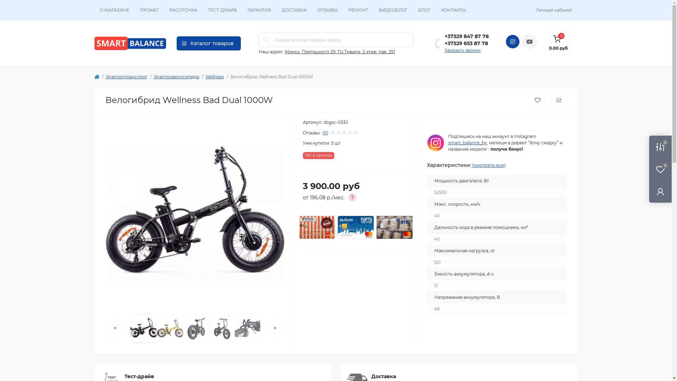  I want to click on '(0)', so click(324, 133).